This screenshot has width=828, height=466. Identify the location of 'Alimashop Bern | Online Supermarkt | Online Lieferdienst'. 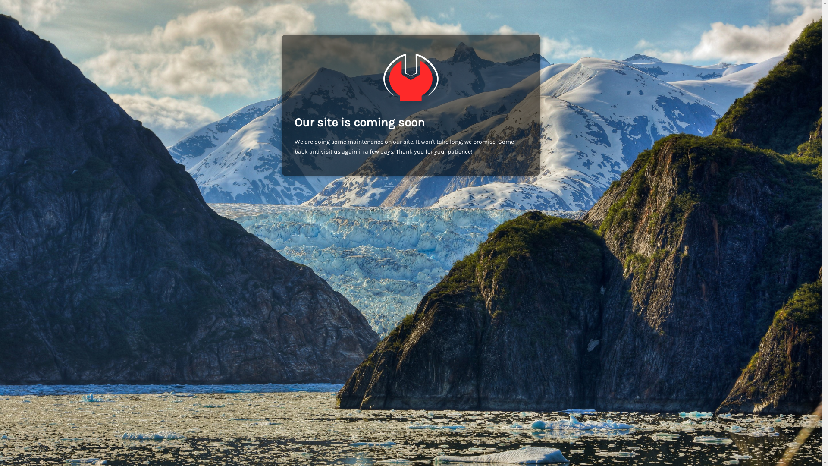
(410, 77).